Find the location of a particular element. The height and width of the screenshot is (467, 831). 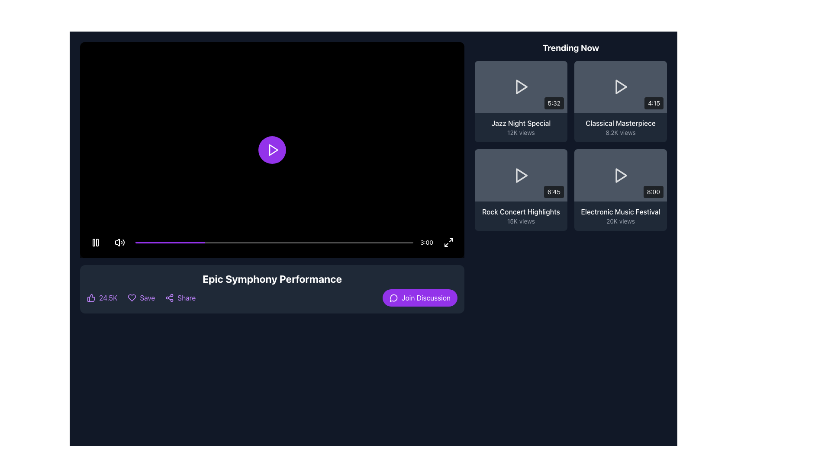

the text label that indicates the function of the 'Join Discussion' button, located near the bottom-right of the video player section is located at coordinates (426, 297).